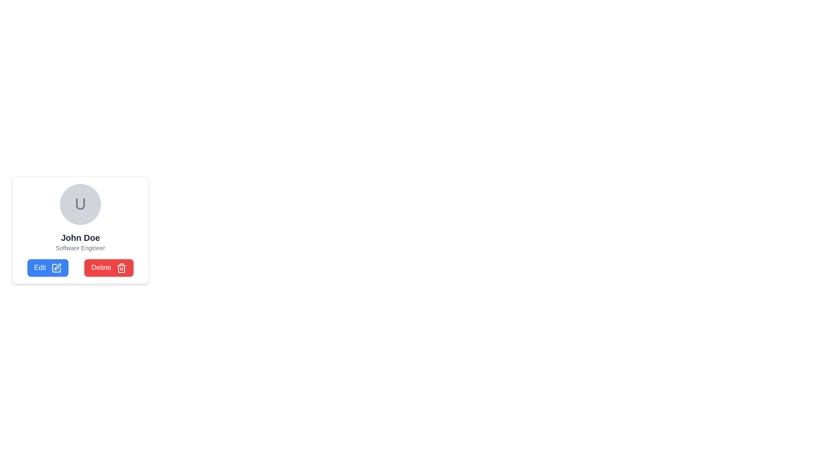 Image resolution: width=822 pixels, height=462 pixels. Describe the element at coordinates (80, 204) in the screenshot. I see `the capital letter 'U' styled in gray, which is located at the center of a circular component with a light gray background, positioned above the text labels 'John Doe' and 'Software Engineer'` at that location.